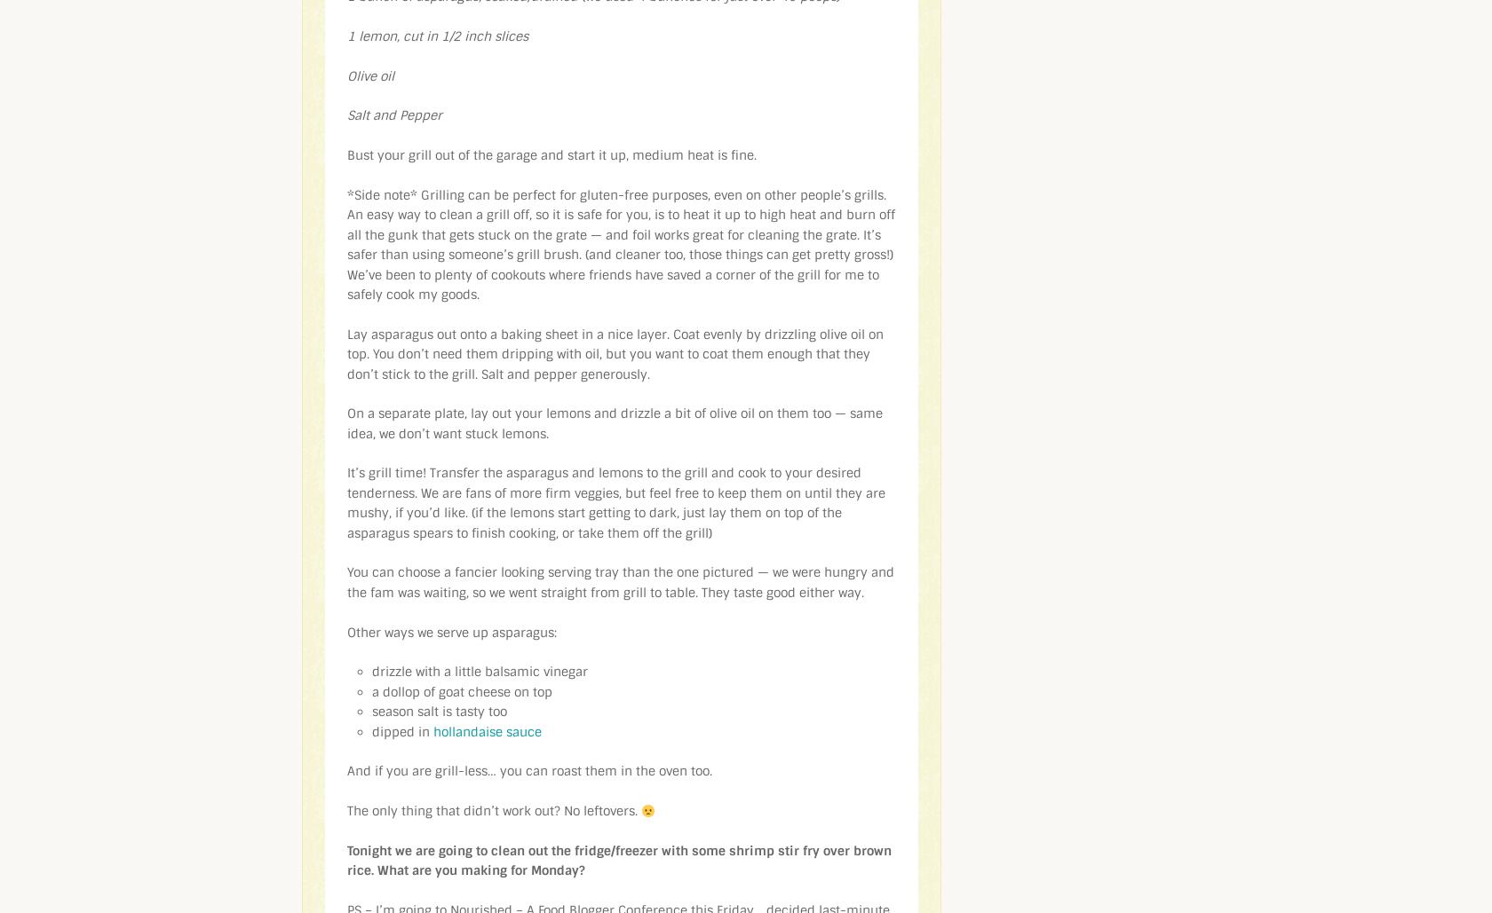 The width and height of the screenshot is (1492, 913). What do you see at coordinates (615, 423) in the screenshot?
I see `'On a separate plate, lay out your lemons and drizzle a bit of olive oil on them too — same idea, we don’t want stuck lemons.'` at bounding box center [615, 423].